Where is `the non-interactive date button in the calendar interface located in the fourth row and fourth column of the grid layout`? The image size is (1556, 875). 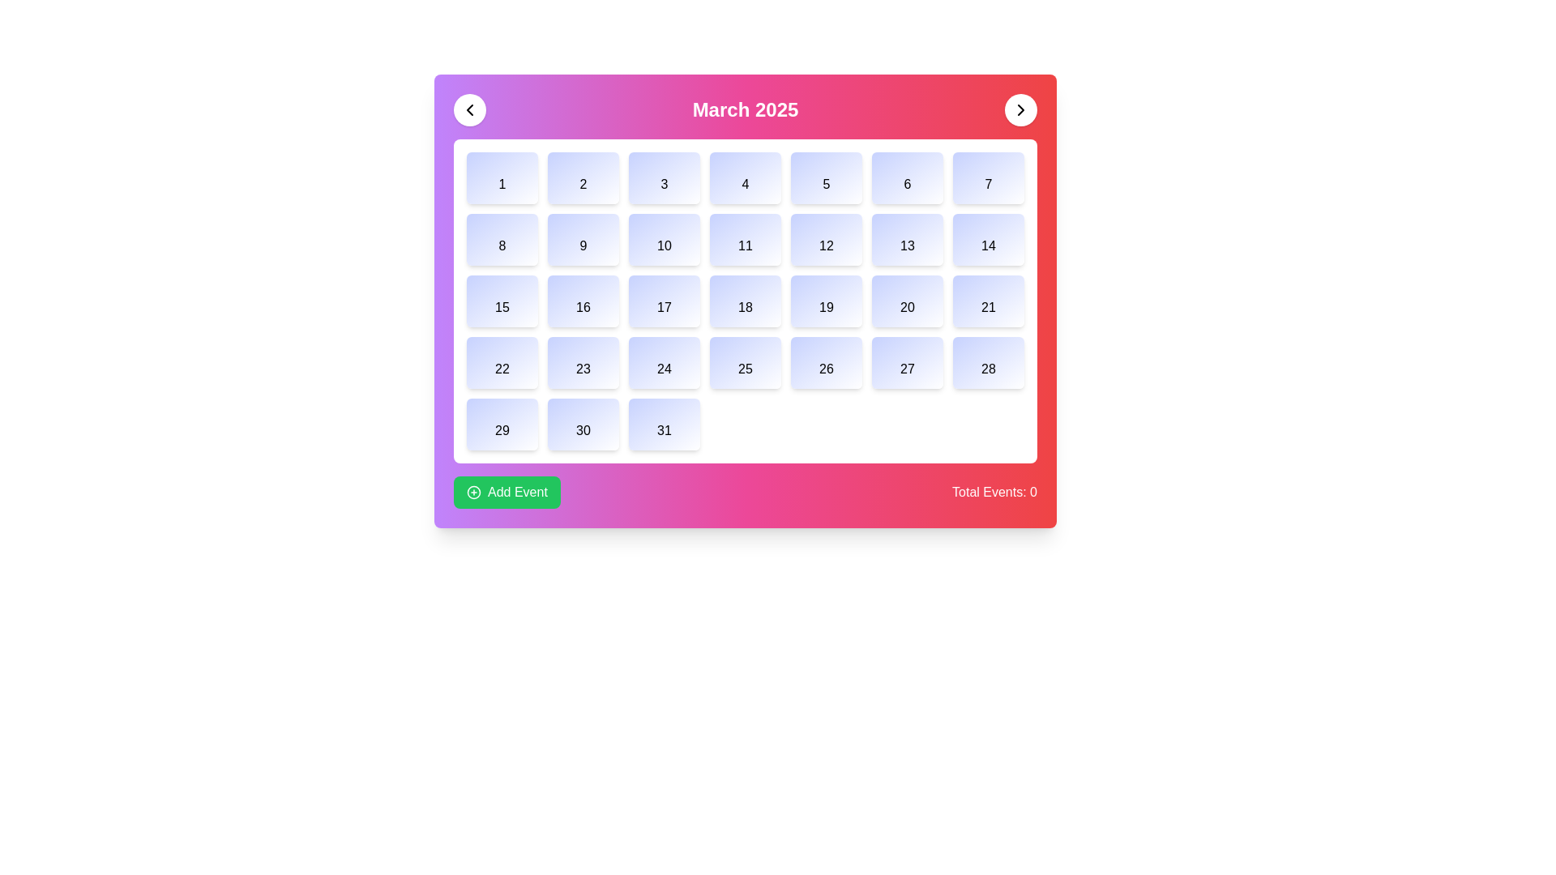 the non-interactive date button in the calendar interface located in the fourth row and fourth column of the grid layout is located at coordinates (745, 361).